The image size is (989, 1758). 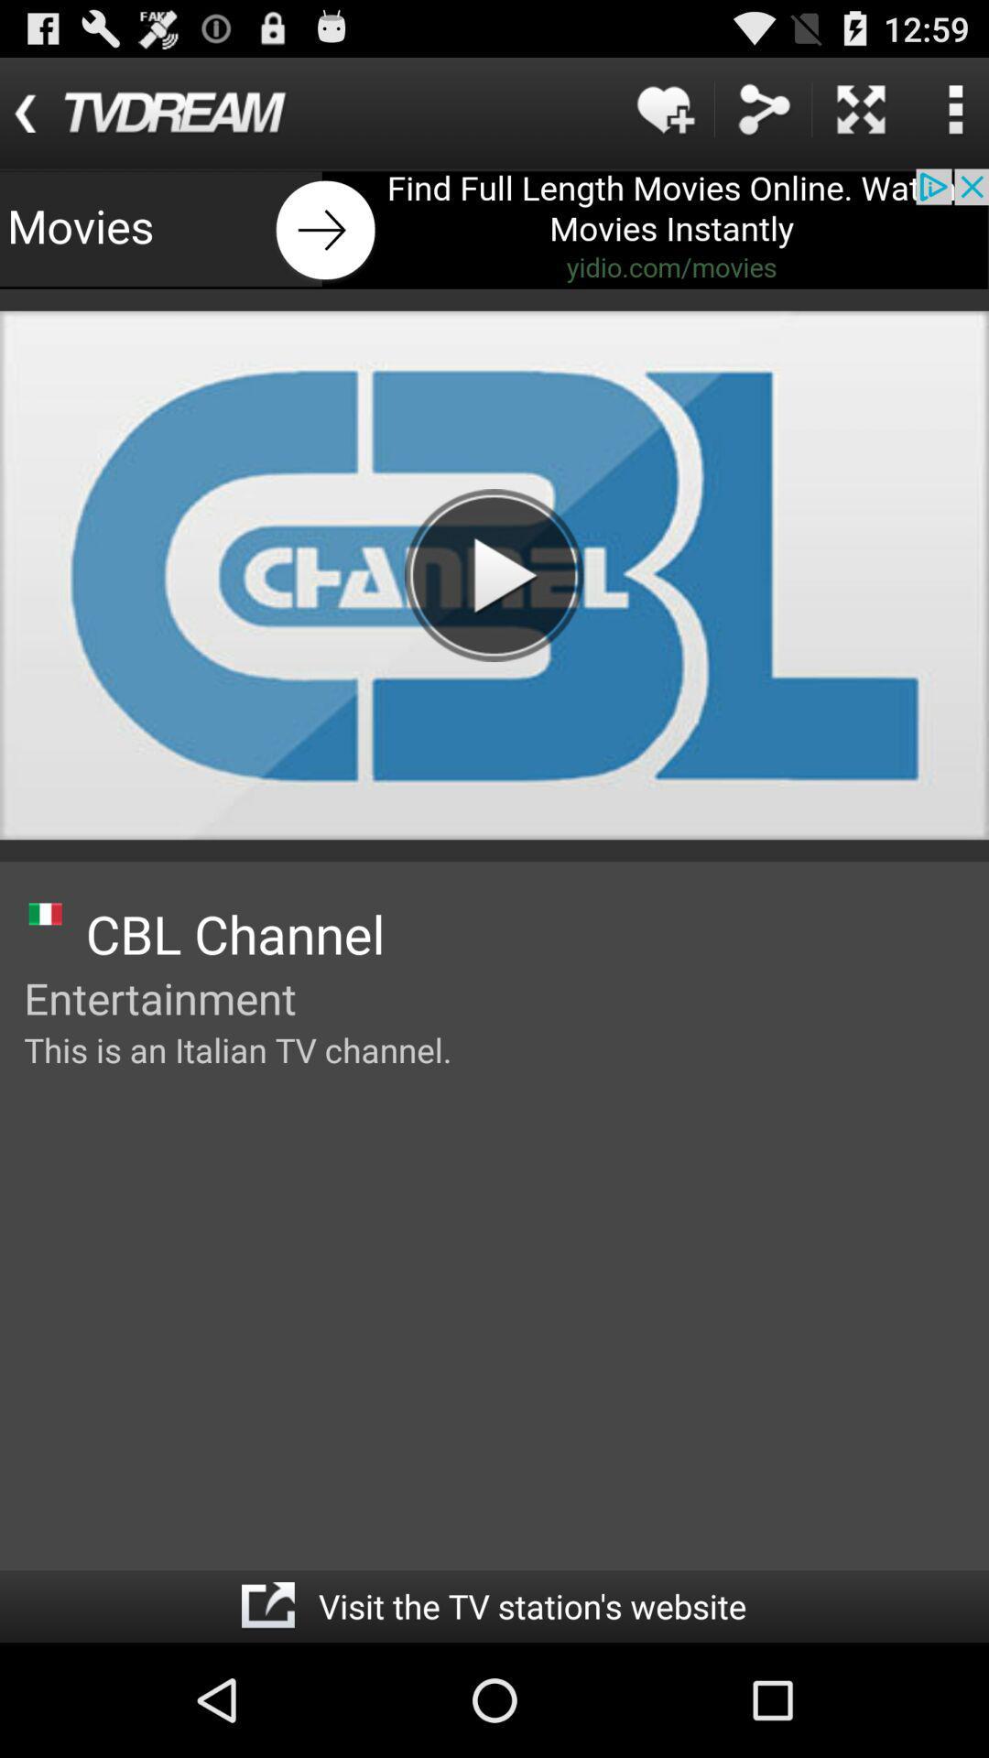 I want to click on play, so click(x=493, y=574).